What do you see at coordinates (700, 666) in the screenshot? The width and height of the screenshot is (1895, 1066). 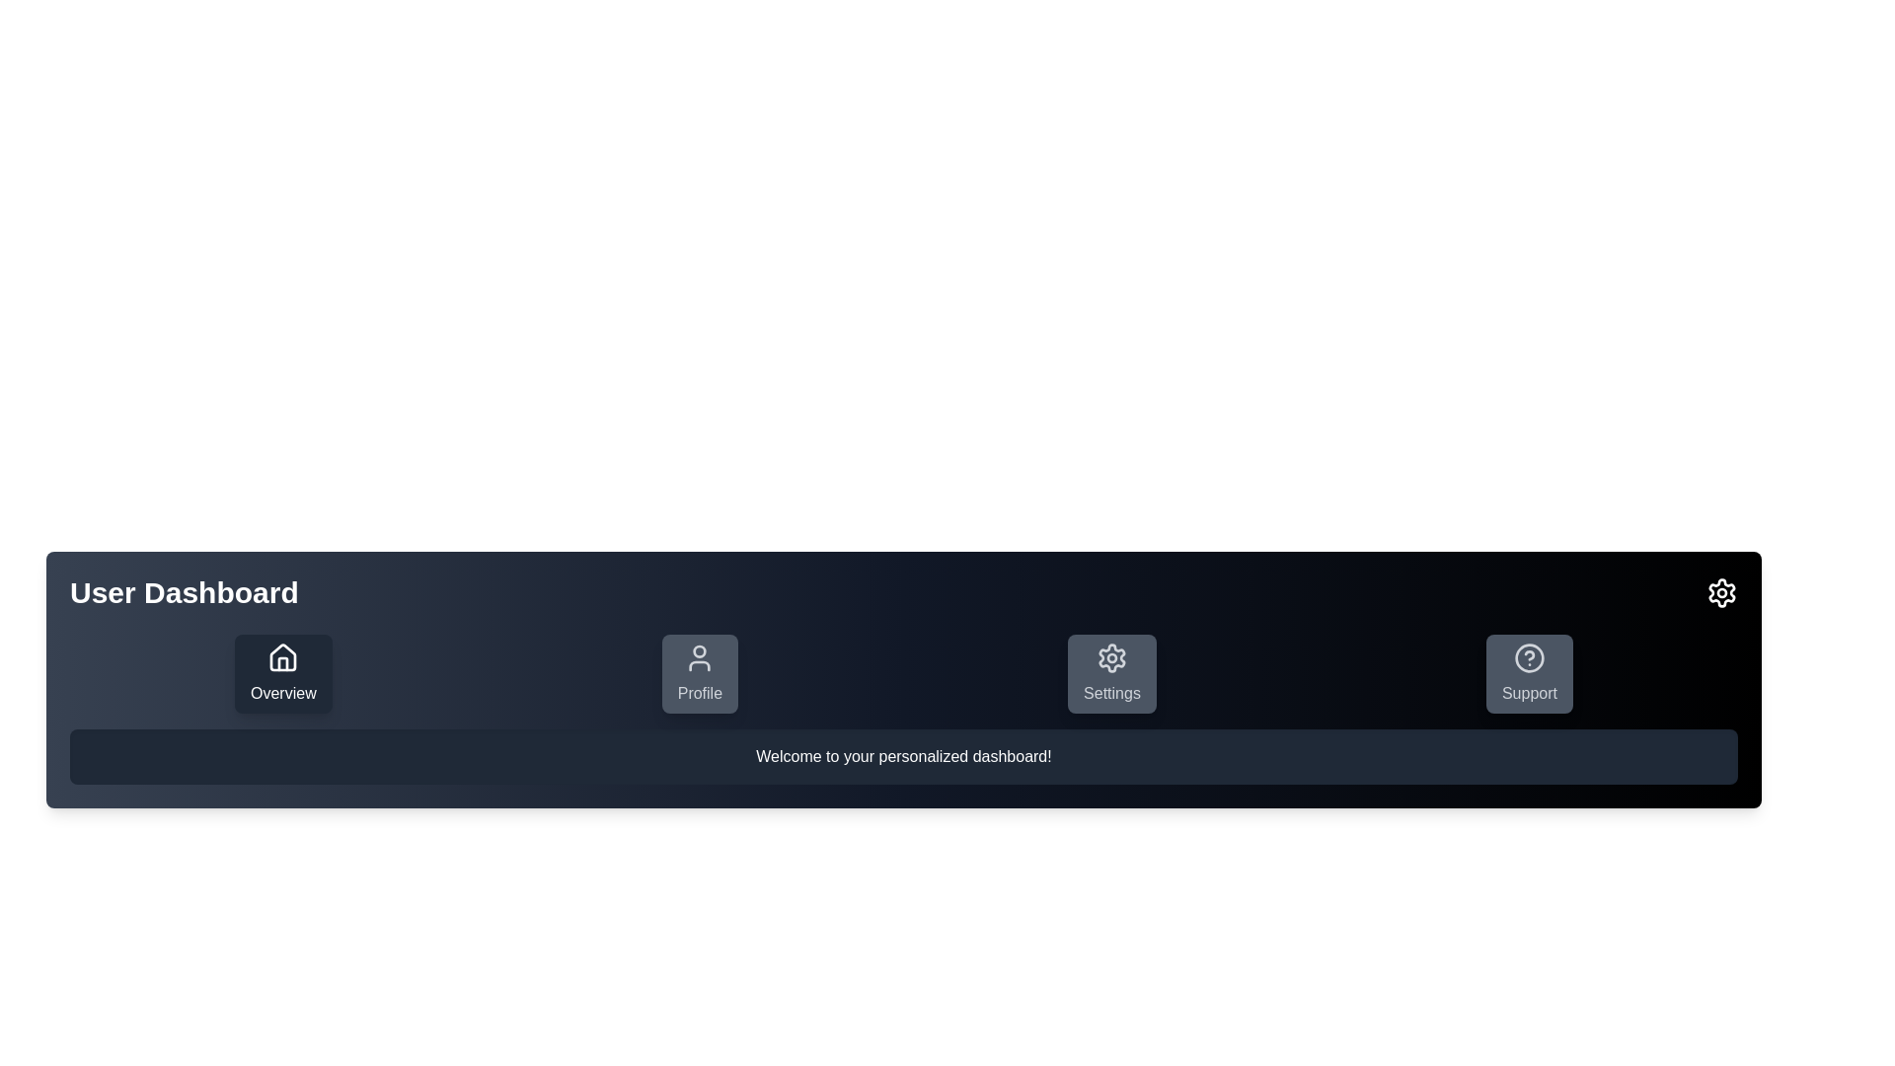 I see `the lower body portion of the 'Profile' SVG icon, which is a curved line located in the second position of the horizontal menu bar` at bounding box center [700, 666].